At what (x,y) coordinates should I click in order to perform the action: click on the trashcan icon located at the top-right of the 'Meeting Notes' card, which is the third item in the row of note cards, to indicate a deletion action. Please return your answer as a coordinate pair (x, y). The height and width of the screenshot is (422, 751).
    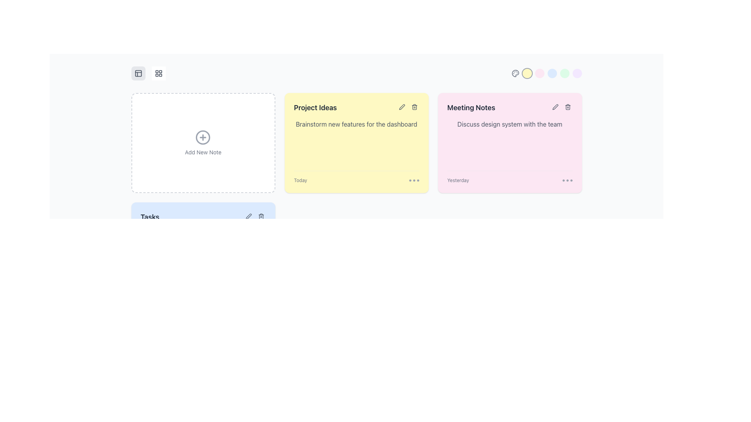
    Looking at the image, I should click on (568, 107).